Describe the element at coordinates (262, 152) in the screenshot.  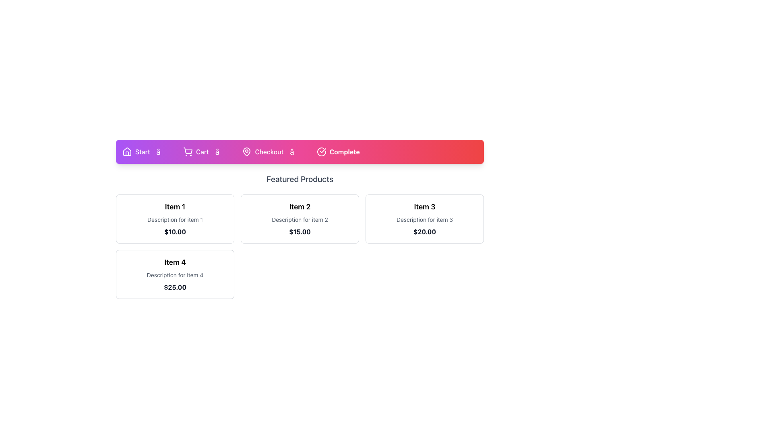
I see `the 'Checkout' navigation step, which features a bold white text label and a map pin icon on a vibrant gradient background` at that location.